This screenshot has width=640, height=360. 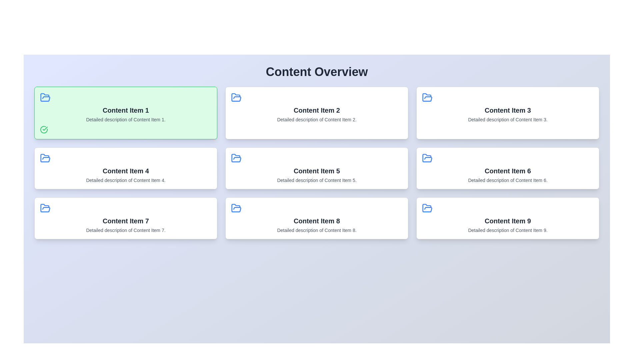 I want to click on the success indicator icon located in the bottom left corner of the card labeled 'Content Item 1', which is enclosed within a green background and positioned under the folder icon, so click(x=44, y=130).